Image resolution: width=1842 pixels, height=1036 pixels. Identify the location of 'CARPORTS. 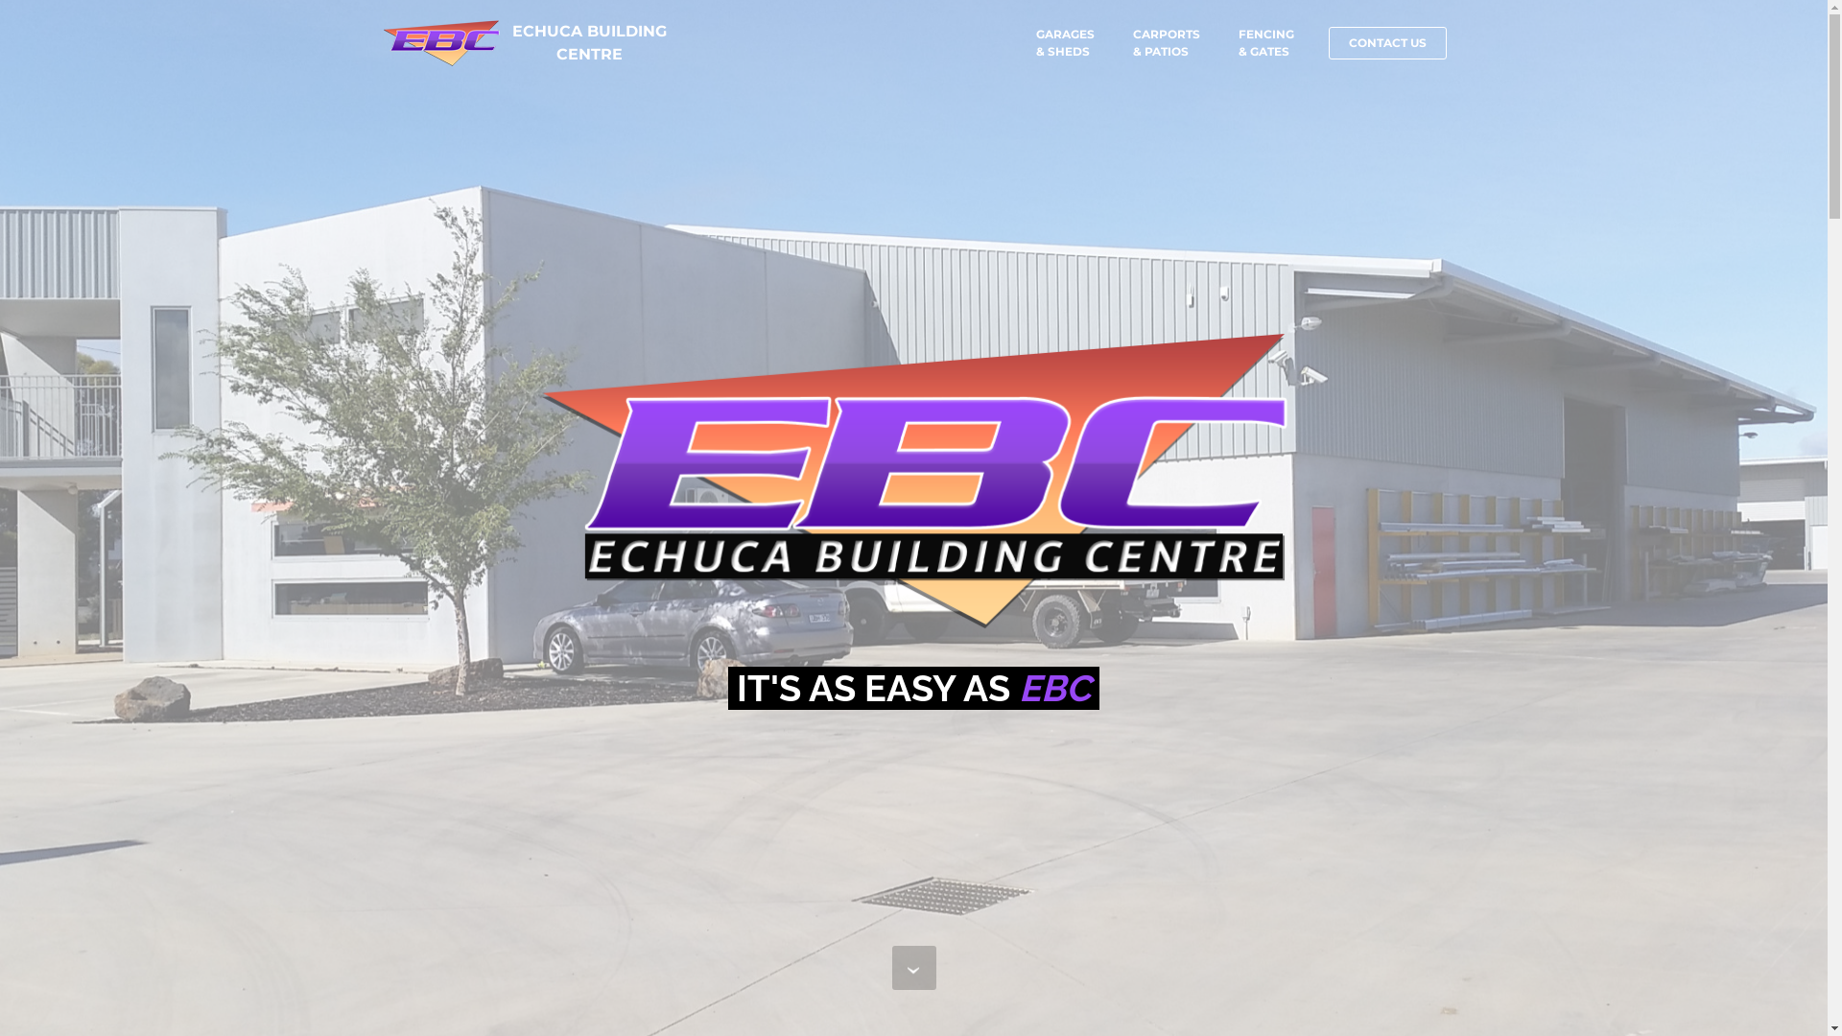
(1132, 43).